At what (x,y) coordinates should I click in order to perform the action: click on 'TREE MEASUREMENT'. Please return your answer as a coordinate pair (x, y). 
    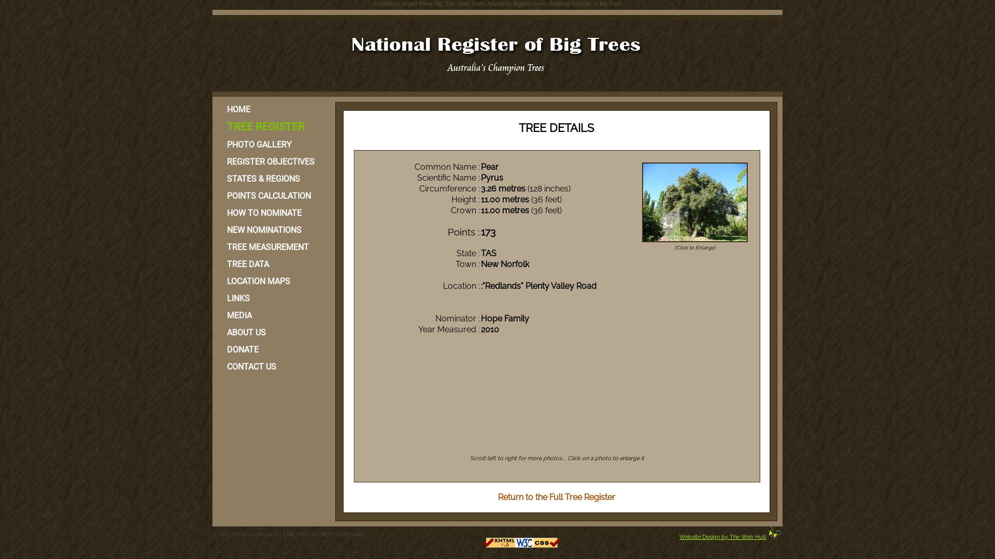
    Looking at the image, I should click on (273, 247).